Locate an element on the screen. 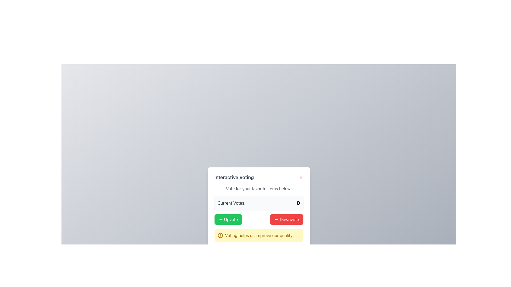 The height and width of the screenshot is (287, 511). the 'Downvote' button, which is a rectangular button with a red background and white text, located to the right of the 'Upvote' button in the voting panel is located at coordinates (286, 219).